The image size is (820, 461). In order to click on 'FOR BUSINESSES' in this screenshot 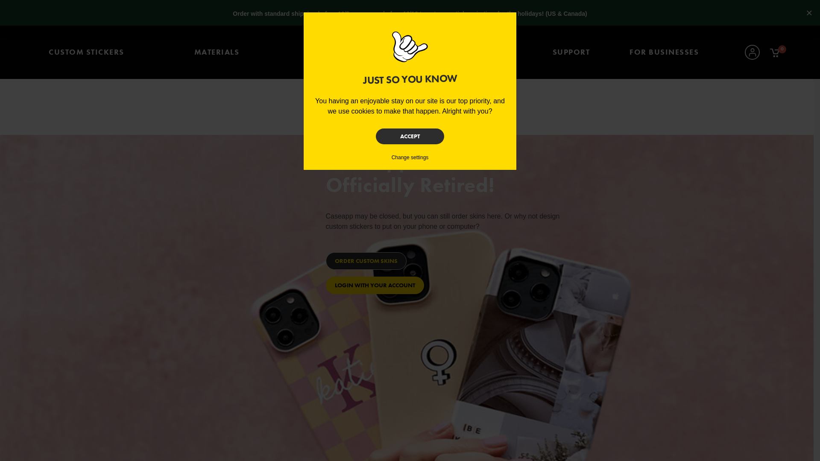, I will do `click(664, 52)`.